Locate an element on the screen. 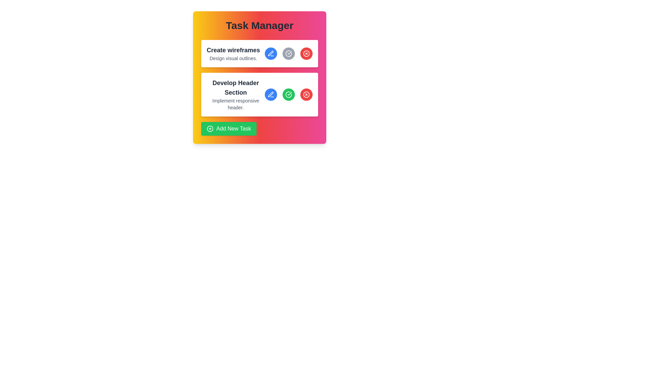 The height and width of the screenshot is (369, 656). the composite text block that serves as a title and subtitle for a task in the task management interface, located at the top of the card beneath 'Task Manager' is located at coordinates (233, 53).